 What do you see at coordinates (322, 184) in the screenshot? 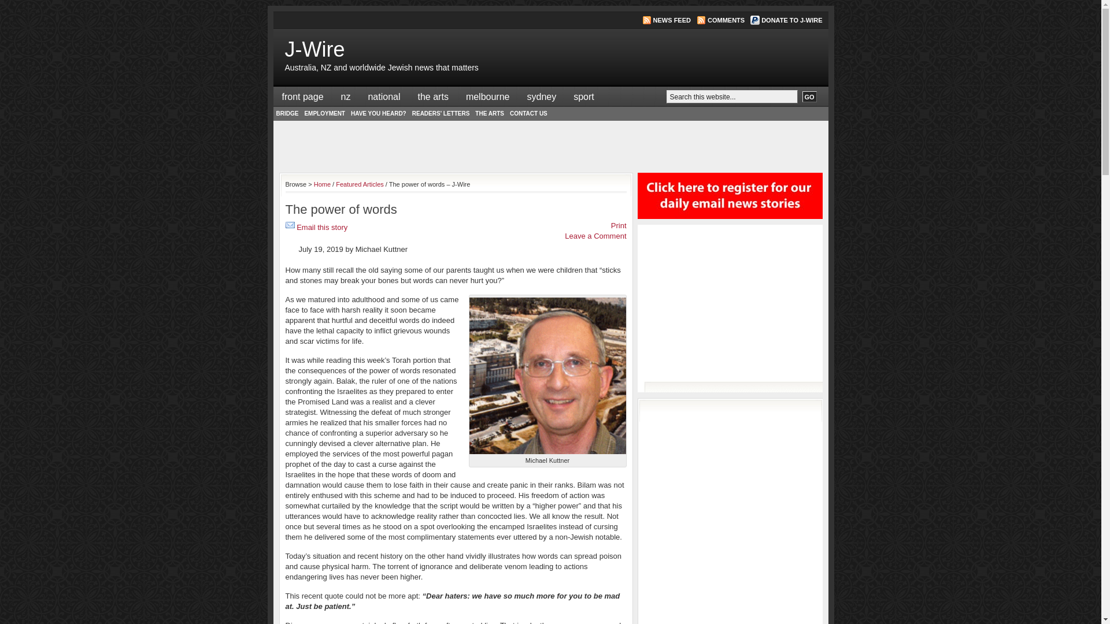
I see `'Home'` at bounding box center [322, 184].